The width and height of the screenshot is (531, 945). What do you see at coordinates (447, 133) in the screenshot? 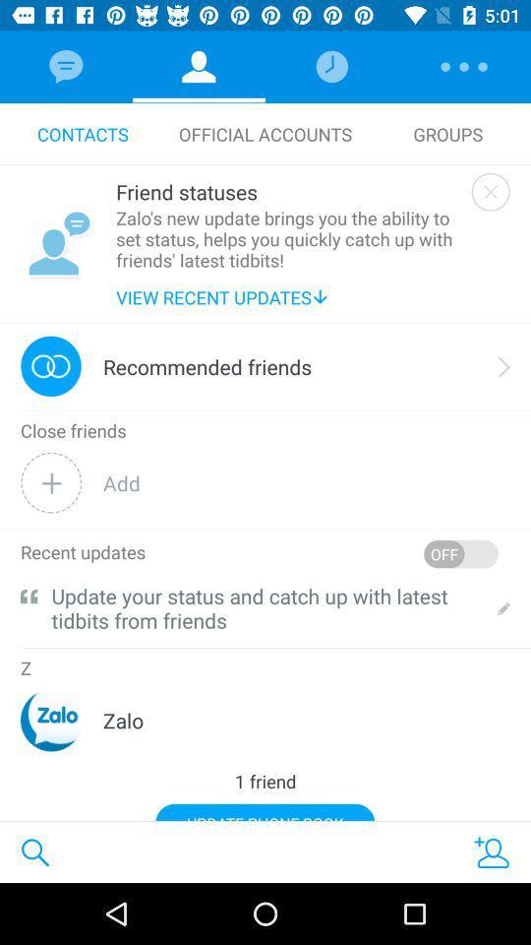
I see `icon next to the official accounts item` at bounding box center [447, 133].